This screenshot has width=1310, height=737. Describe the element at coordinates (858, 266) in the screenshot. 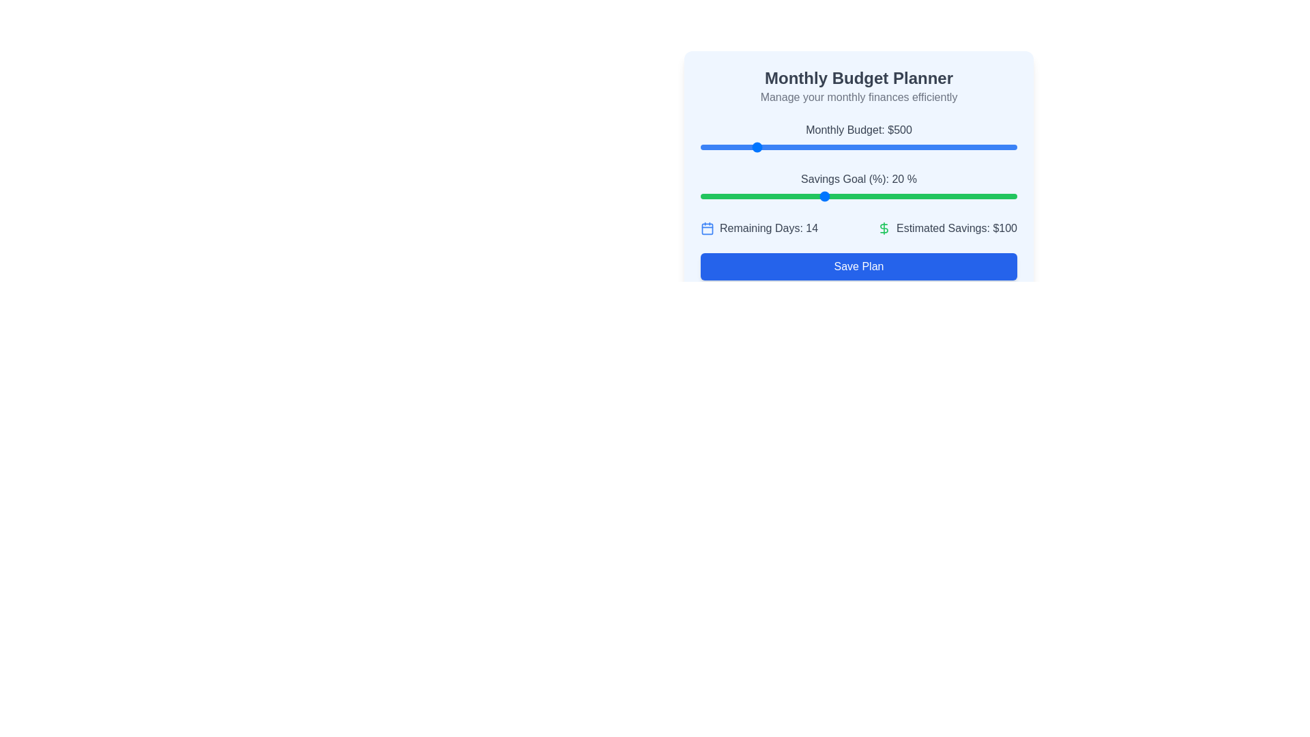

I see `the 'Save Plan' button` at that location.